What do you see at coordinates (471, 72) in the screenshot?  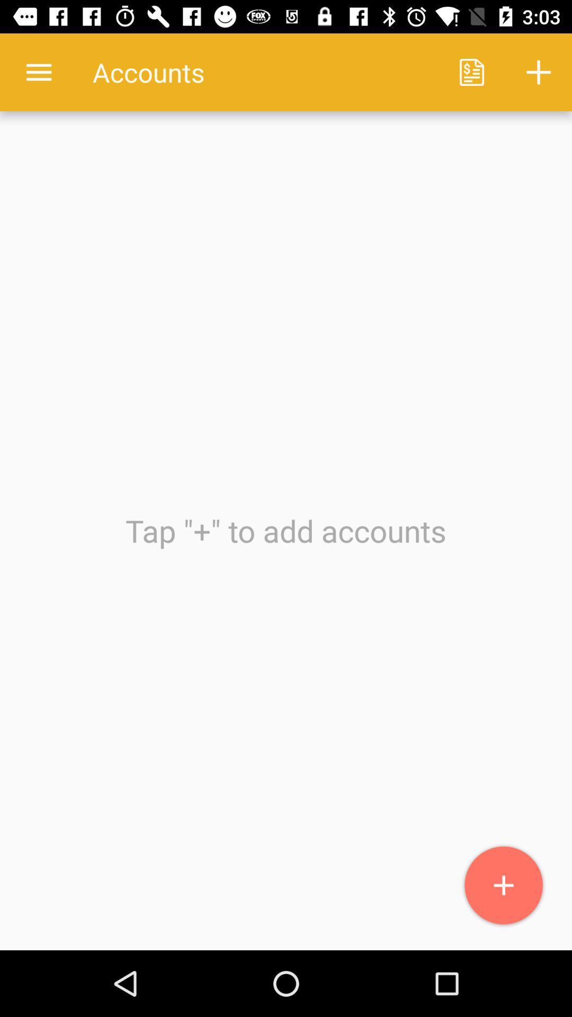 I see `the icon next to accounts` at bounding box center [471, 72].